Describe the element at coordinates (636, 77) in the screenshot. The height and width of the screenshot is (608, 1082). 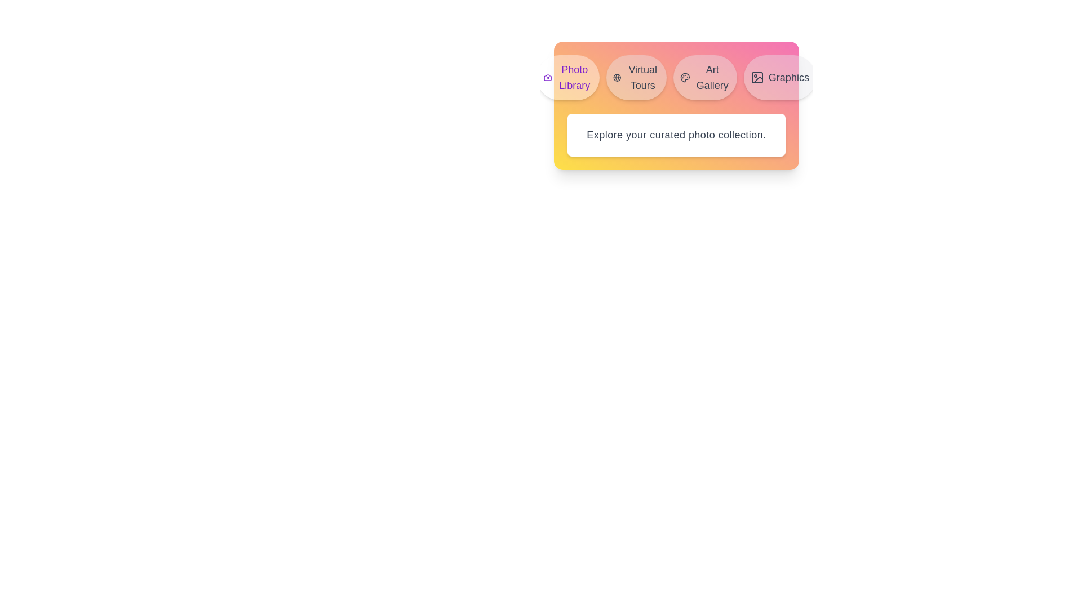
I see `the tab labeled Virtual Tours in the MediaLibraryTabs component` at that location.